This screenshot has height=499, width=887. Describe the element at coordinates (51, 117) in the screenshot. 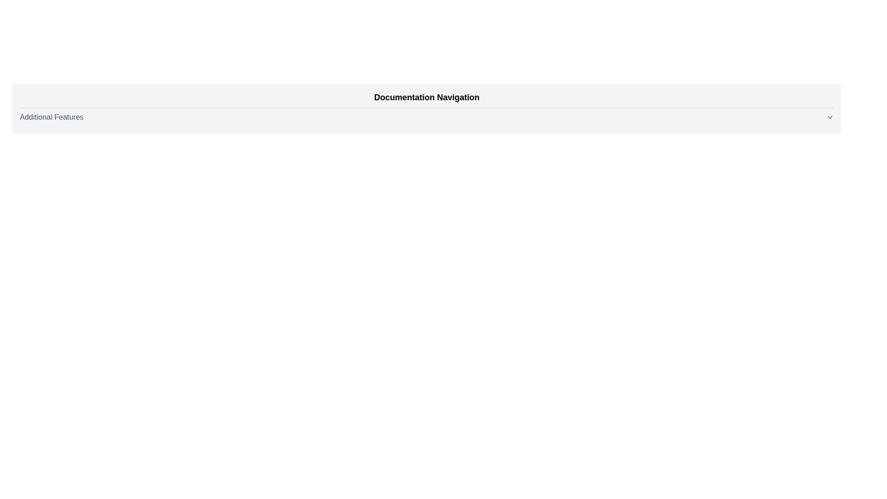

I see `the 'Additional Features' text label located beneath the line separator` at that location.